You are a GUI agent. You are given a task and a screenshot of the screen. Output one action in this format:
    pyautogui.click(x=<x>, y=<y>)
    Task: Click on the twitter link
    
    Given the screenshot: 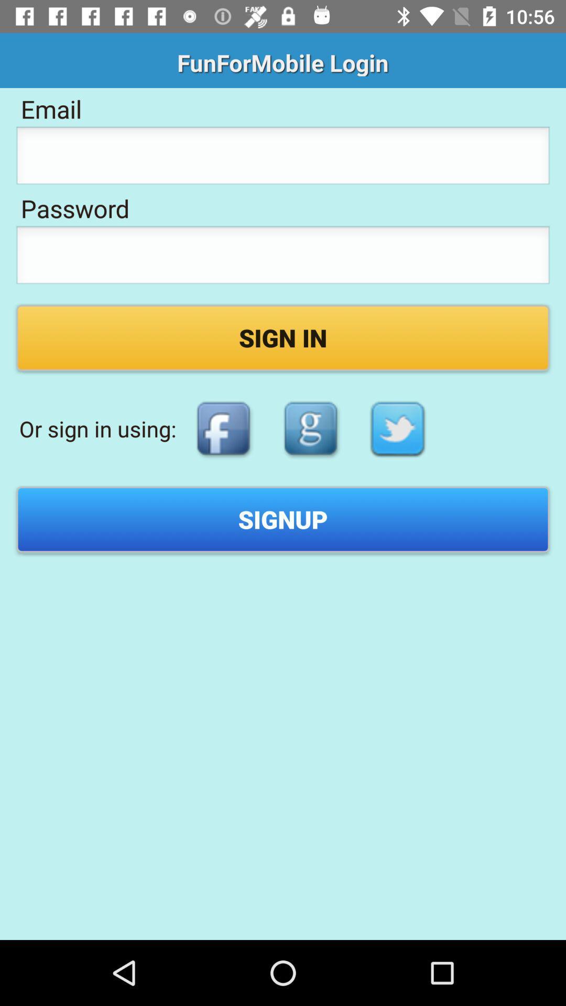 What is the action you would take?
    pyautogui.click(x=398, y=429)
    